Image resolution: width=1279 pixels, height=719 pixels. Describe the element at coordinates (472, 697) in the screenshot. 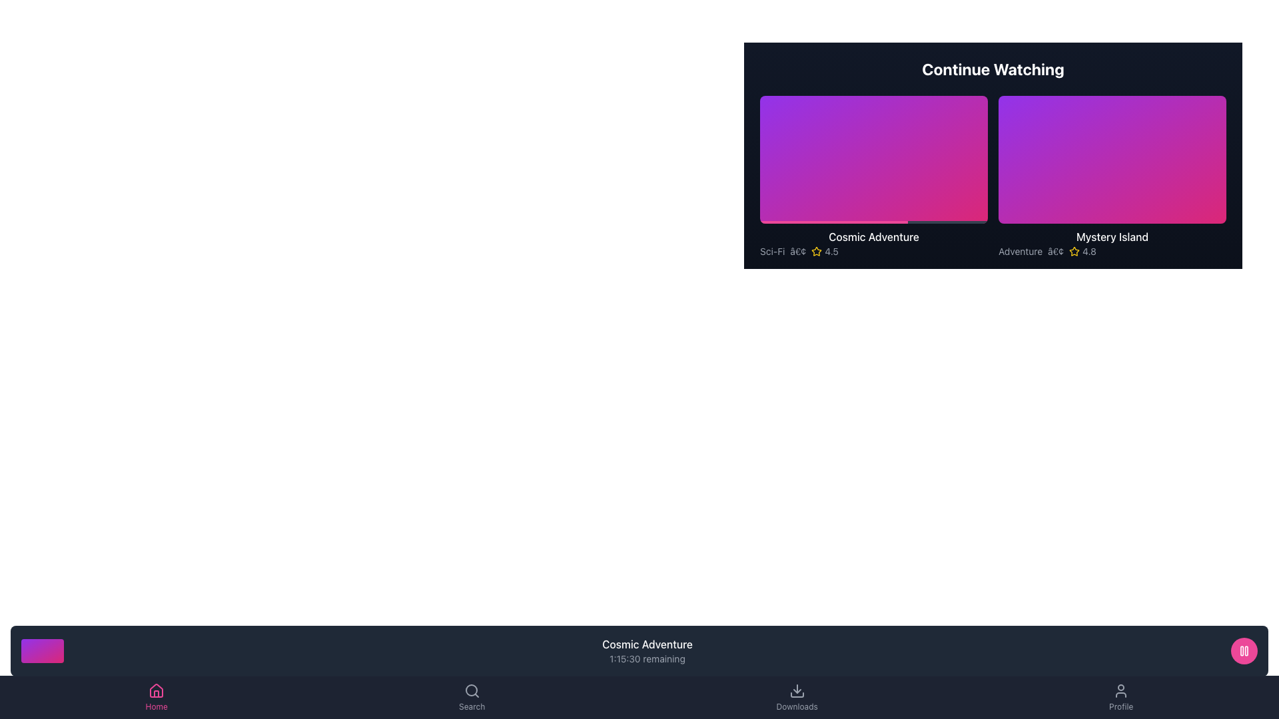

I see `the 'Search' button with a magnifying glass icon located` at that location.